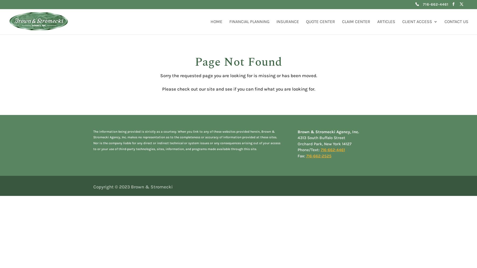  I want to click on 'Claim Center', so click(341, 21).